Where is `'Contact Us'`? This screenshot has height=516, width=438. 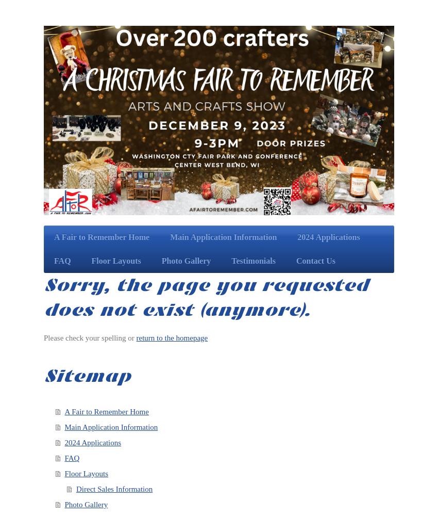 'Contact Us' is located at coordinates (315, 260).